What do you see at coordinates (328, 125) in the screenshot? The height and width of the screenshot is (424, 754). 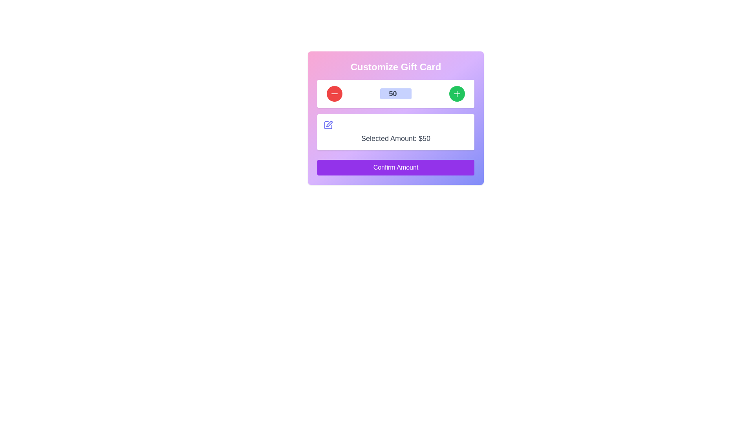 I see `the edit or customization icon button located beneath the amount adjustment buttons and above the text 'Selected Amount: $50'` at bounding box center [328, 125].